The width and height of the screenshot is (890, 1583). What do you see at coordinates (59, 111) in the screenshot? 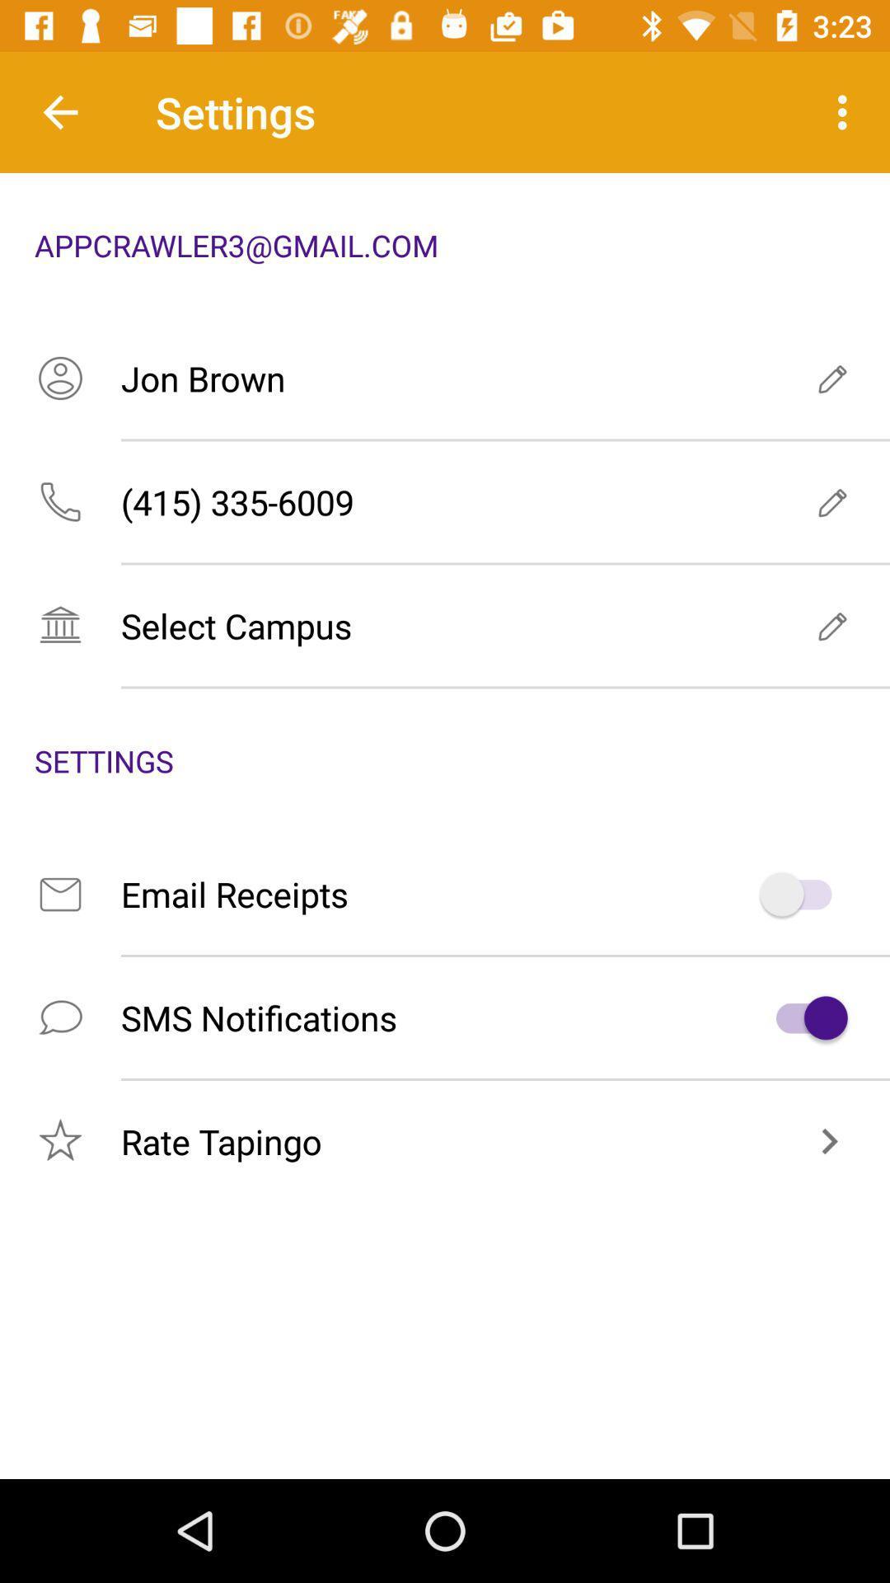
I see `the item next to settings icon` at bounding box center [59, 111].